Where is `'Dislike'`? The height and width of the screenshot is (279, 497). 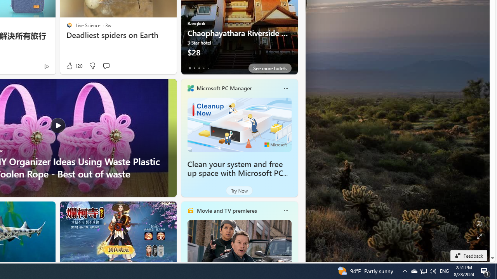 'Dislike' is located at coordinates (92, 65).